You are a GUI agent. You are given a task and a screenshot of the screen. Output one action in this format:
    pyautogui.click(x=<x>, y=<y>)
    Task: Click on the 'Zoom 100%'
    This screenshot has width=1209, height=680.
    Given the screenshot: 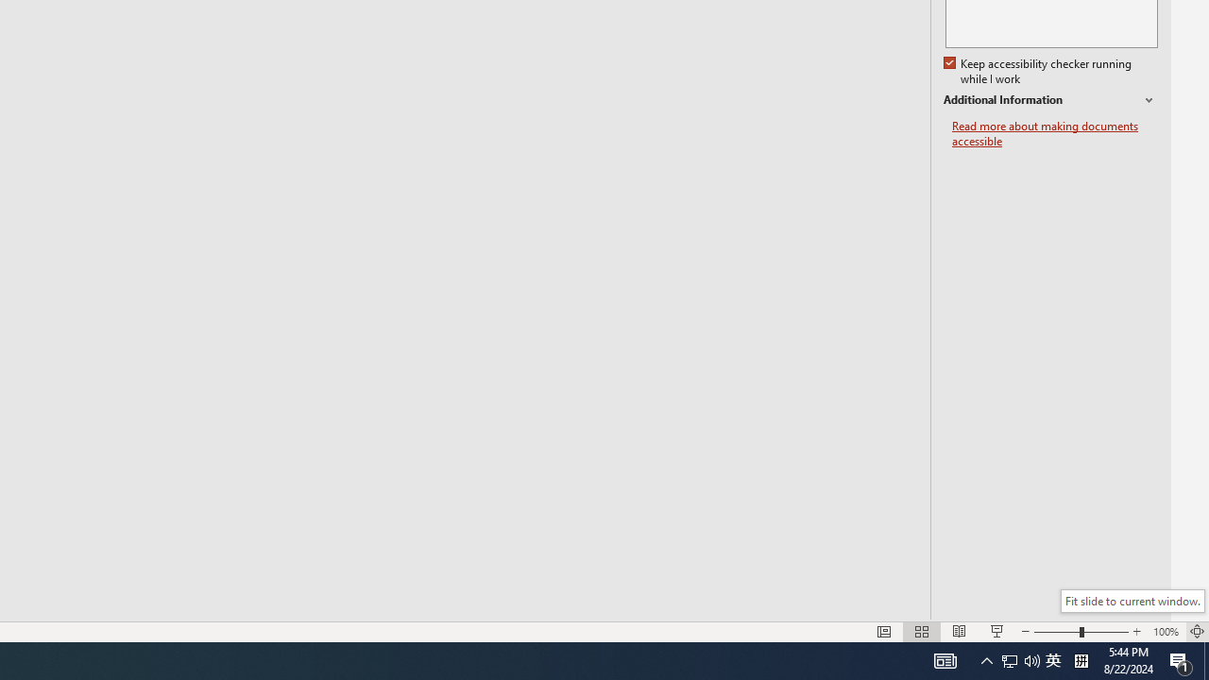 What is the action you would take?
    pyautogui.click(x=1165, y=632)
    